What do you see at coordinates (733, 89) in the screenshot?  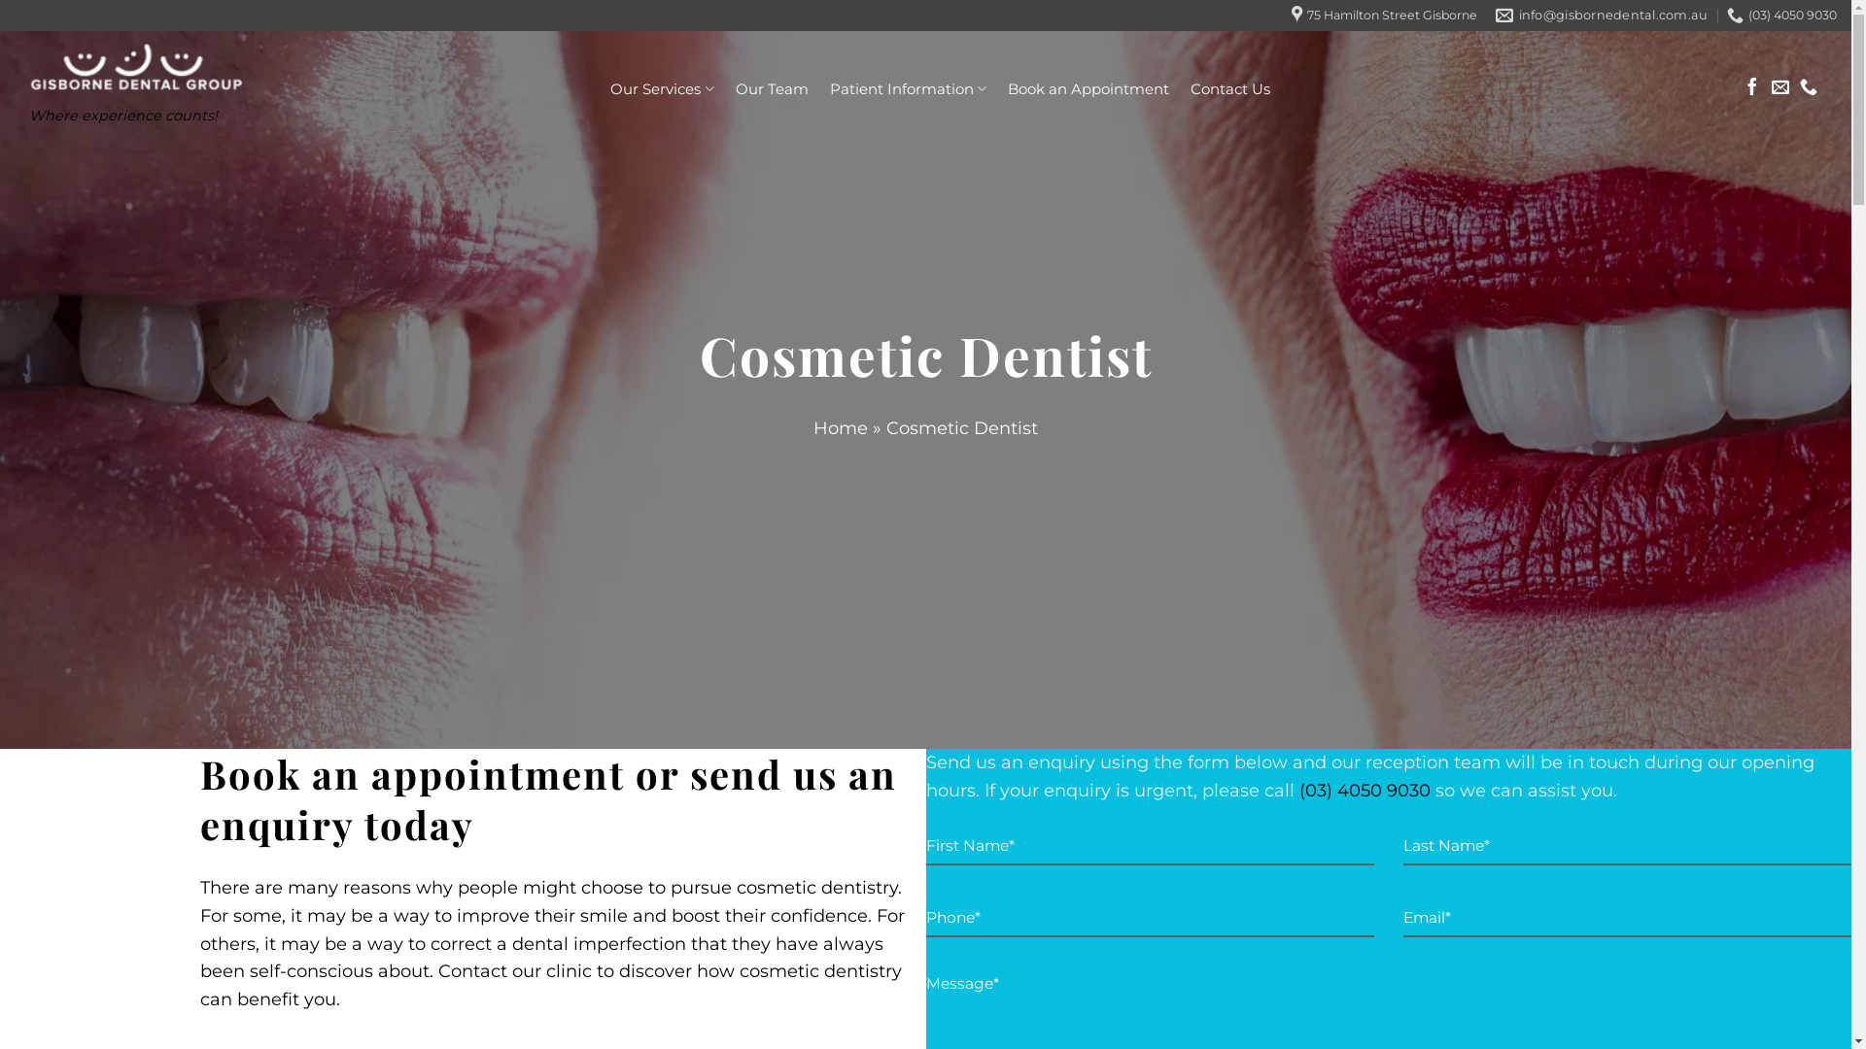 I see `'Our Team'` at bounding box center [733, 89].